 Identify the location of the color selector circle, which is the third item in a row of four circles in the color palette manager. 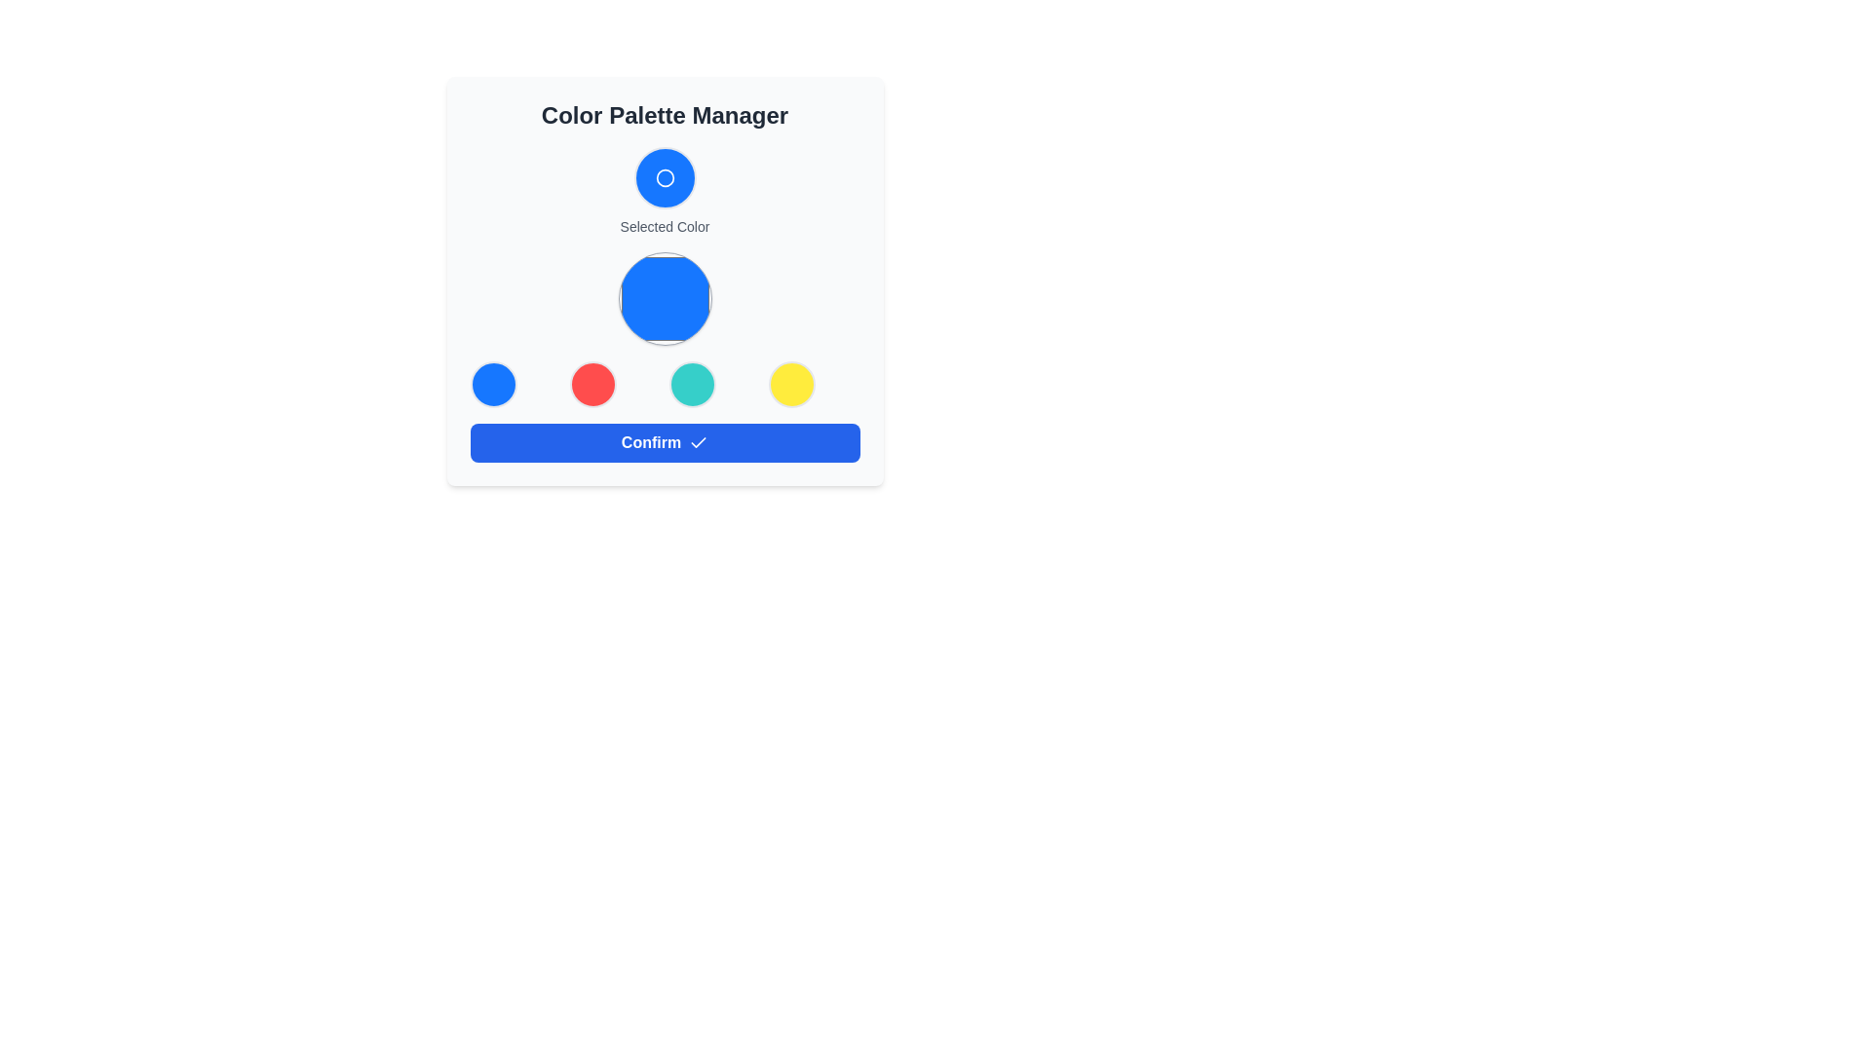
(692, 384).